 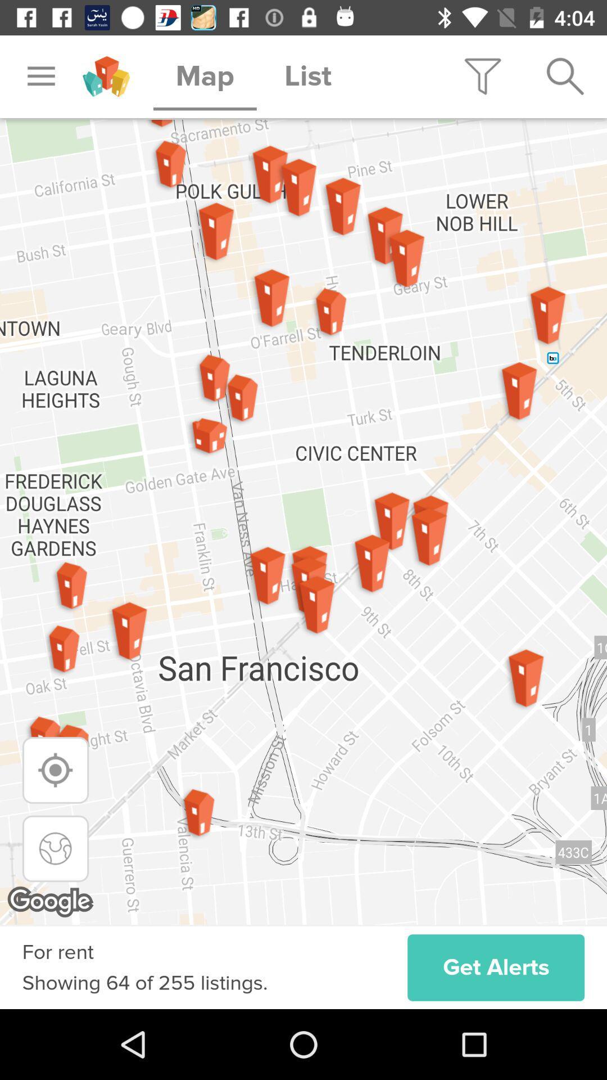 I want to click on the get alerts item, so click(x=495, y=967).